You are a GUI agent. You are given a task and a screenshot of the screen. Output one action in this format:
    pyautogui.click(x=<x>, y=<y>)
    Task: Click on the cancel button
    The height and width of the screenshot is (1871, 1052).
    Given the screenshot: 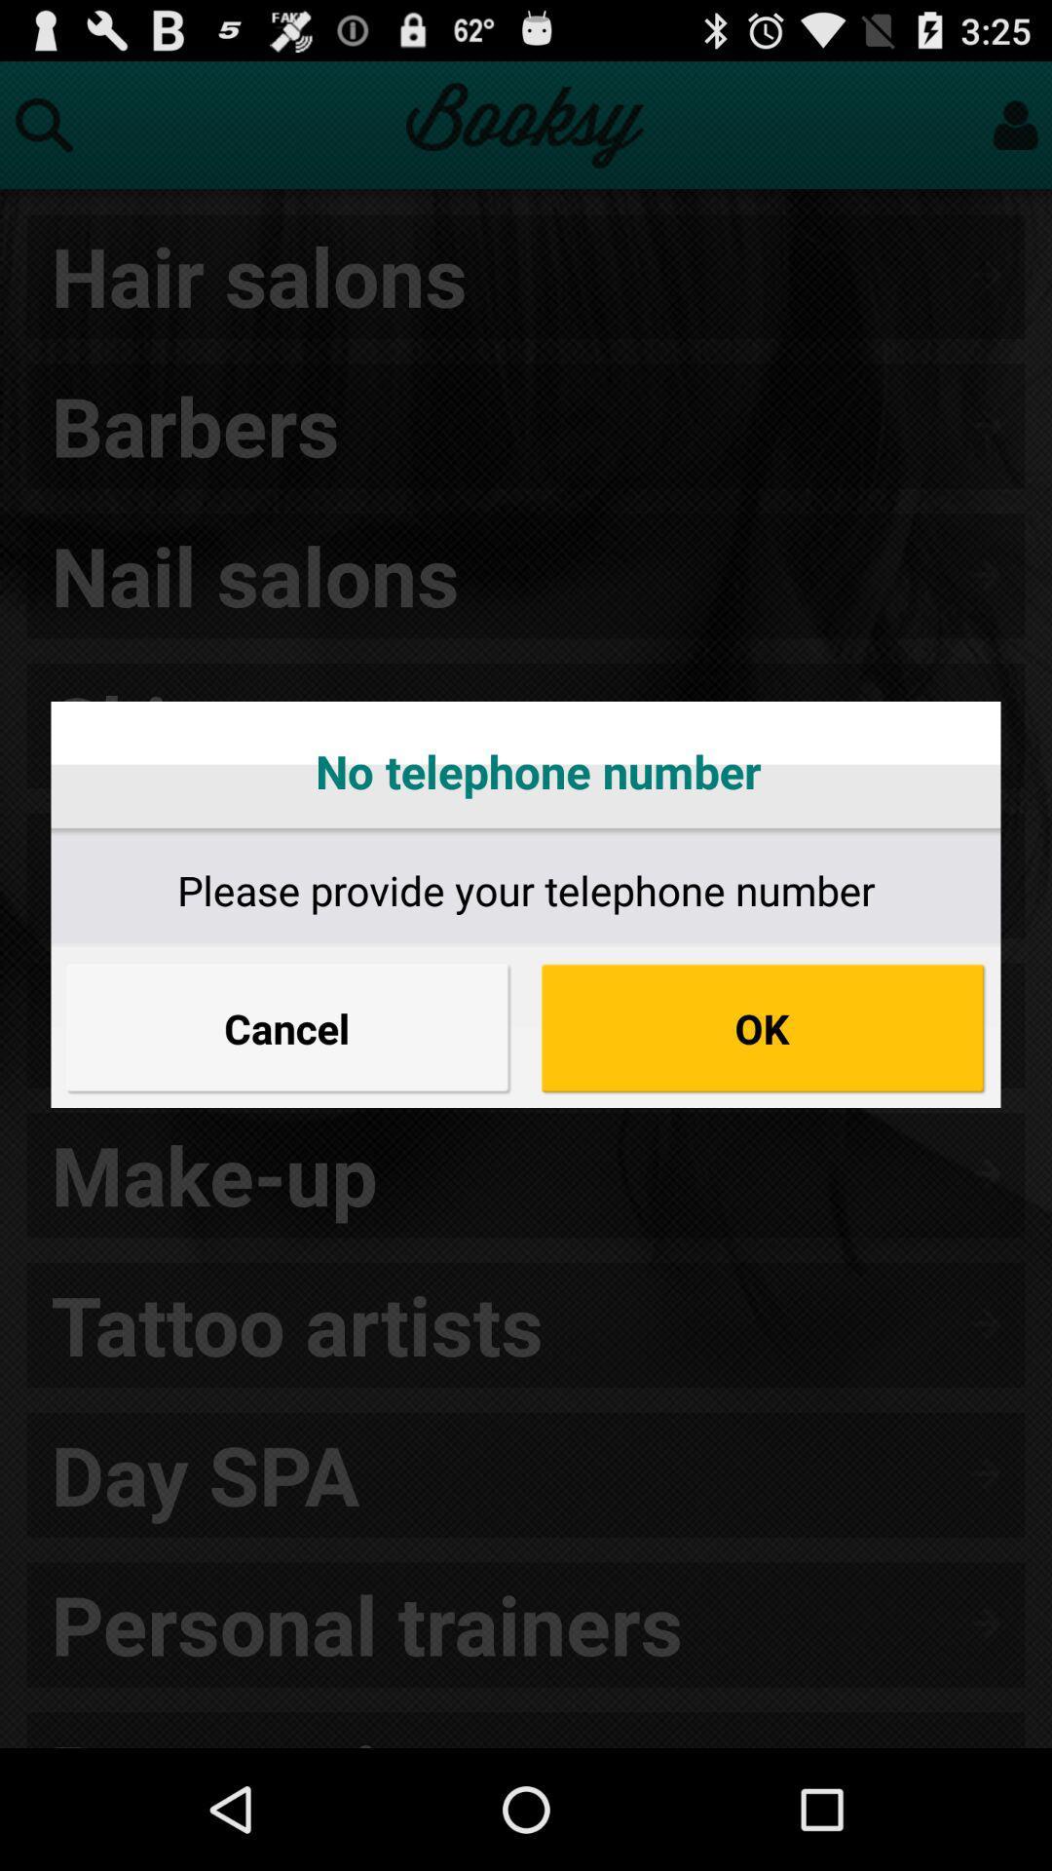 What is the action you would take?
    pyautogui.click(x=288, y=1027)
    